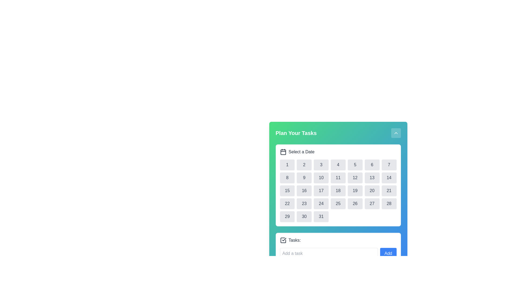 The image size is (518, 291). What do you see at coordinates (321, 204) in the screenshot?
I see `the date button '24' in the calendar view` at bounding box center [321, 204].